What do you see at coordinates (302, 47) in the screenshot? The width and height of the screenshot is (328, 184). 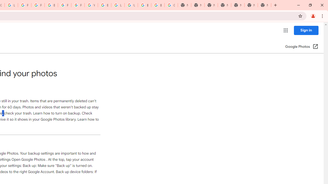 I see `'Google Photos (Open in a new window)'` at bounding box center [302, 47].